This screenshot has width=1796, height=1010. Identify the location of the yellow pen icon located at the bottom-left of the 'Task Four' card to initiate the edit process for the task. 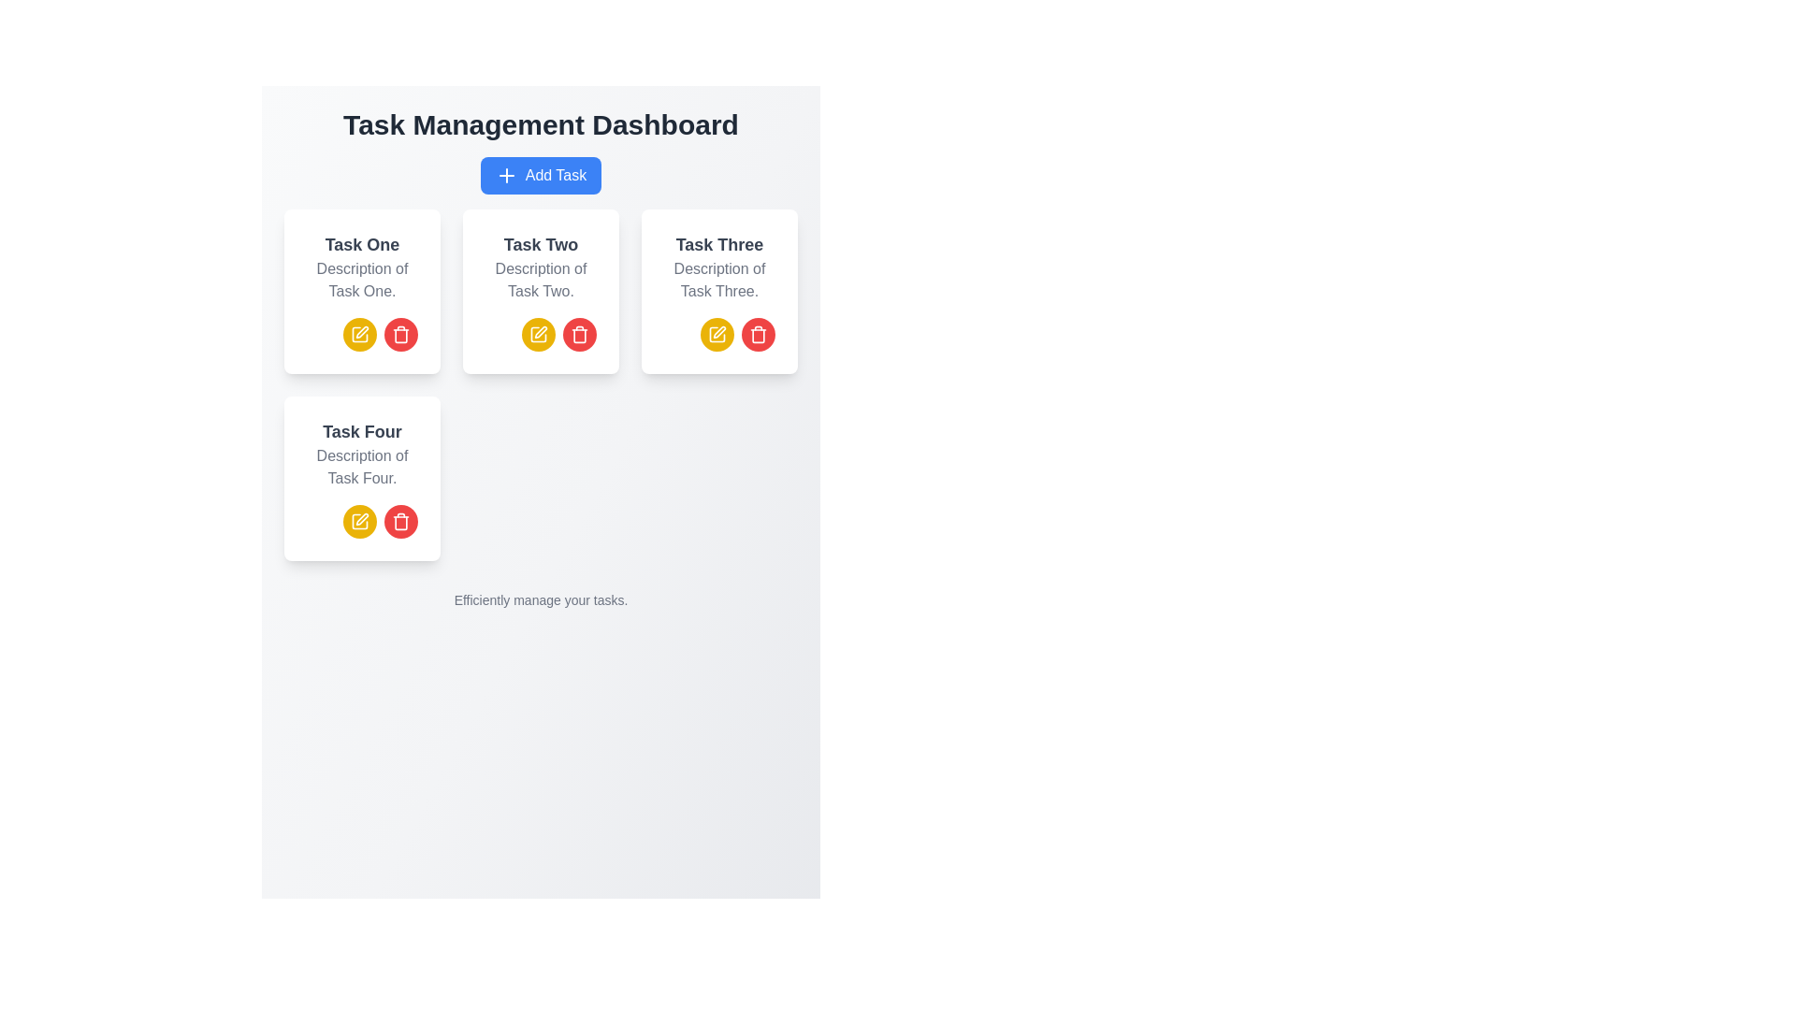
(362, 519).